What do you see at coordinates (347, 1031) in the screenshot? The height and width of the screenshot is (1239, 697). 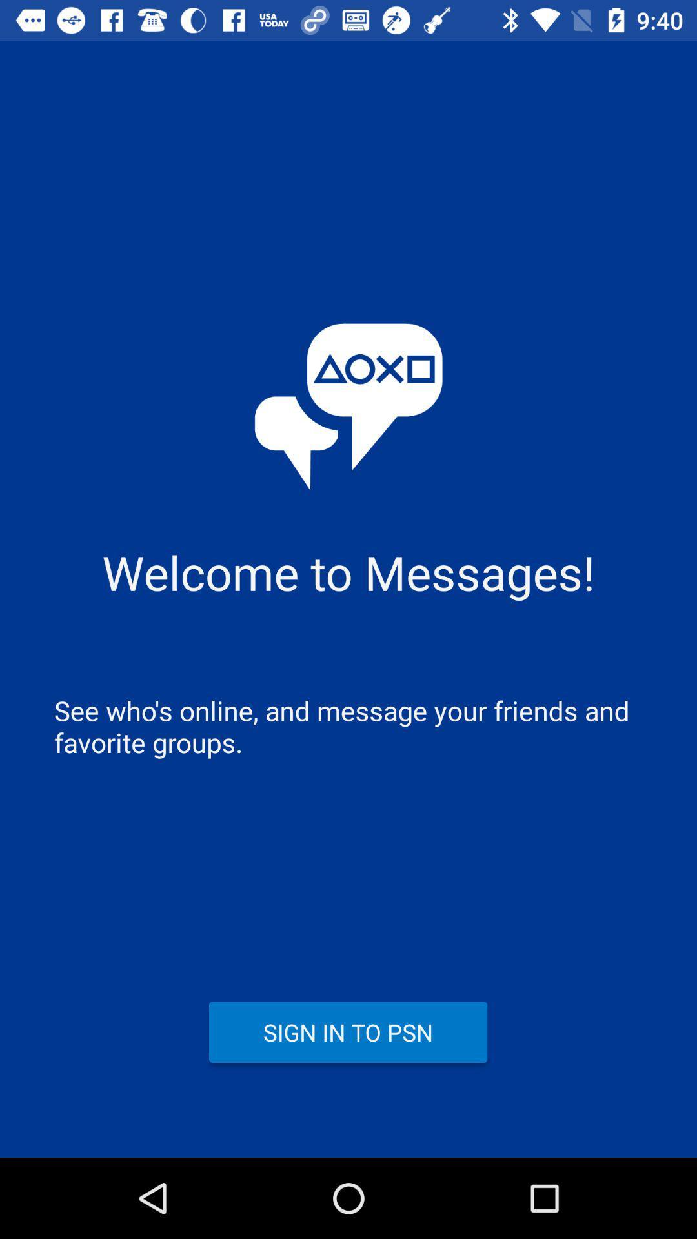 I see `sign in to` at bounding box center [347, 1031].